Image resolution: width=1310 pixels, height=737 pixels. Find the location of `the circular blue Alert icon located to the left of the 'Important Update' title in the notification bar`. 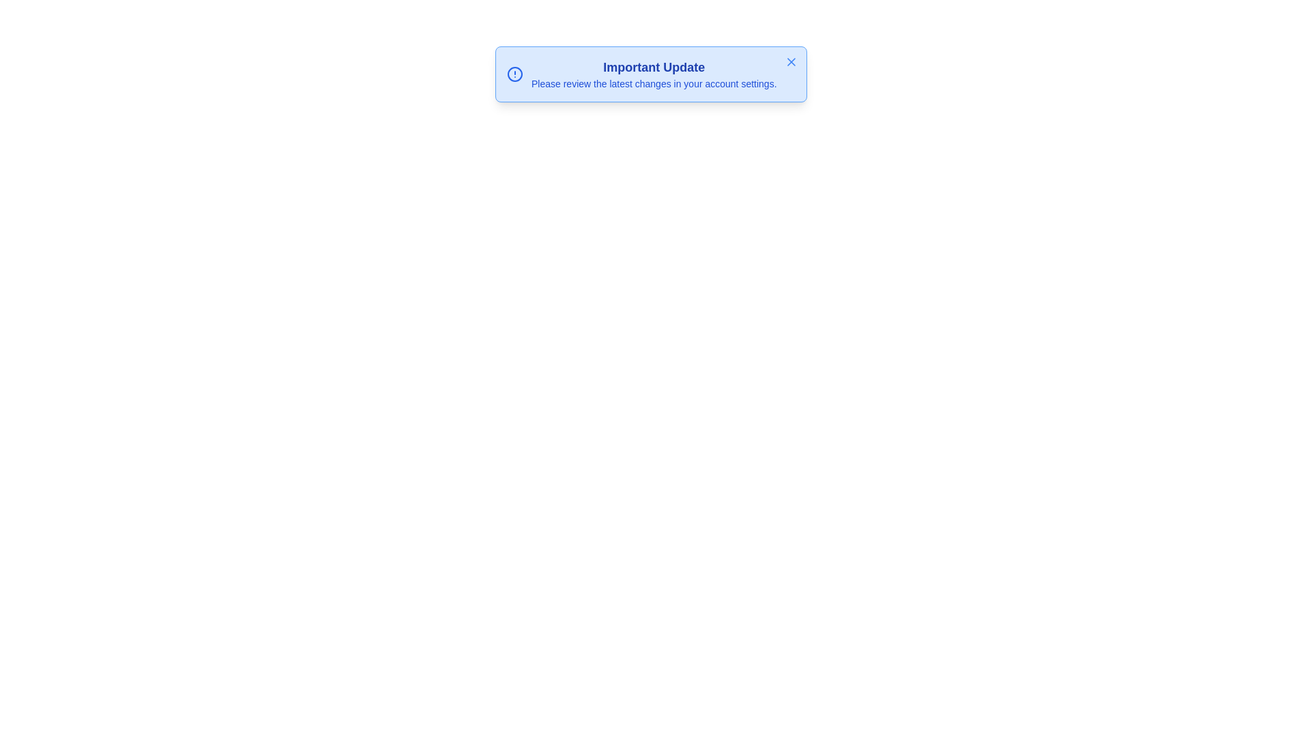

the circular blue Alert icon located to the left of the 'Important Update' title in the notification bar is located at coordinates (514, 74).